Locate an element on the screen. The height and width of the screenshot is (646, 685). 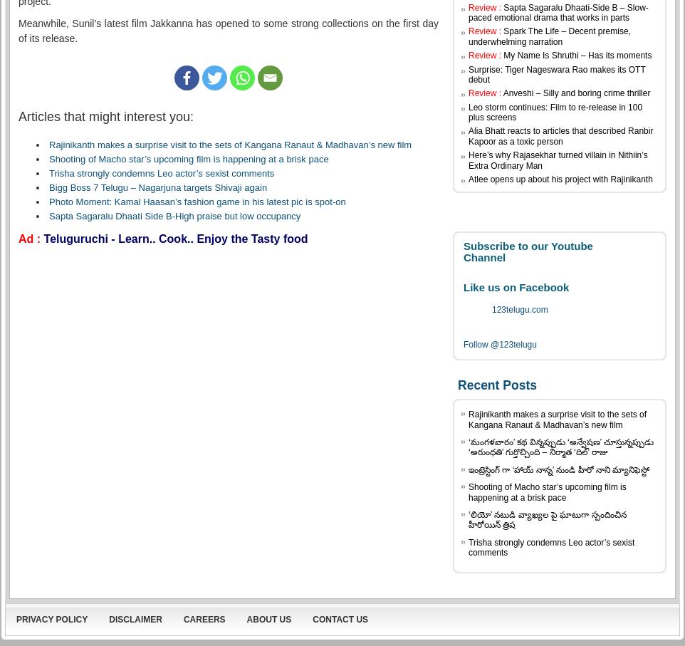
'Surprise: Tiger Nageswara Rao makes its OTT debut' is located at coordinates (556, 73).